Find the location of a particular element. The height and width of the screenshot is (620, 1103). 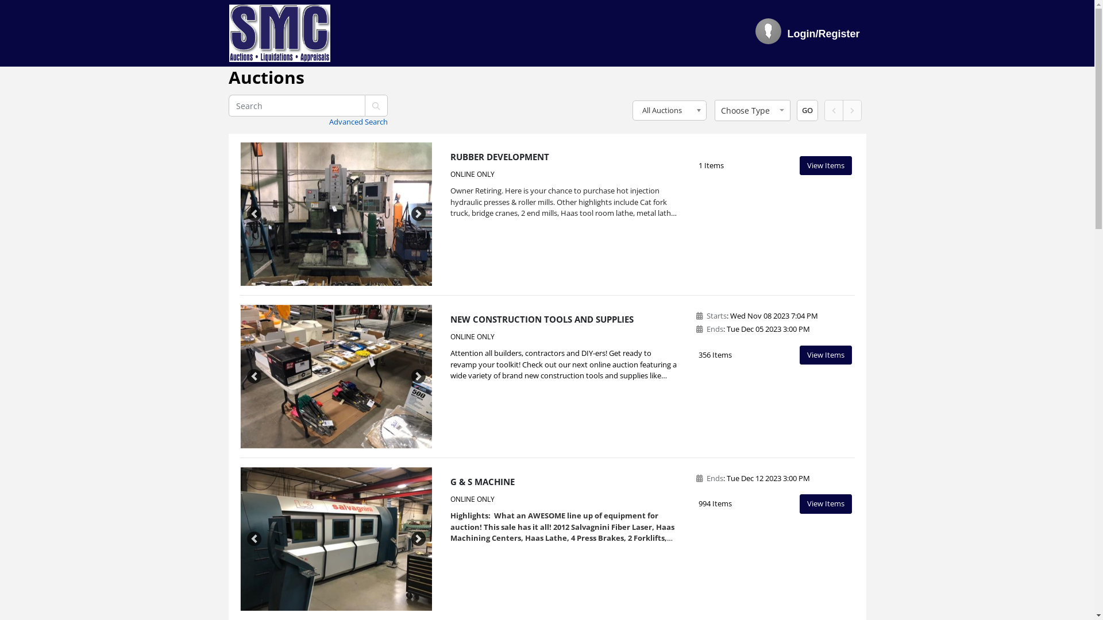

'Previous' is located at coordinates (253, 214).